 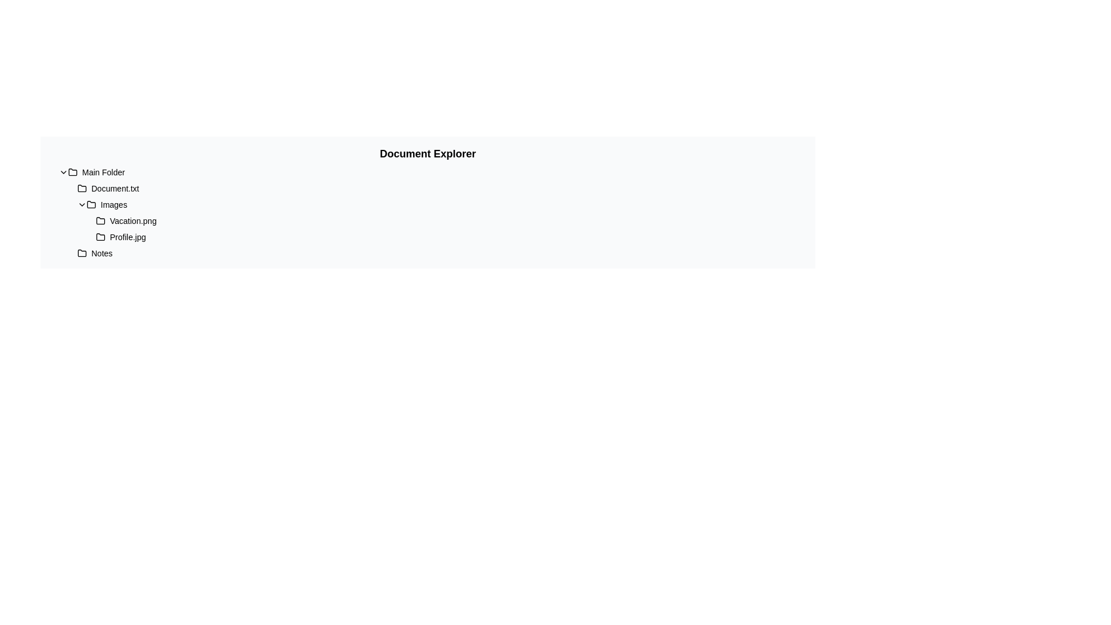 What do you see at coordinates (100, 220) in the screenshot?
I see `the decorative icon representing the folder associated with the text 'Vacation.png', which is located at the beginning of the horizontal row containing this text` at bounding box center [100, 220].